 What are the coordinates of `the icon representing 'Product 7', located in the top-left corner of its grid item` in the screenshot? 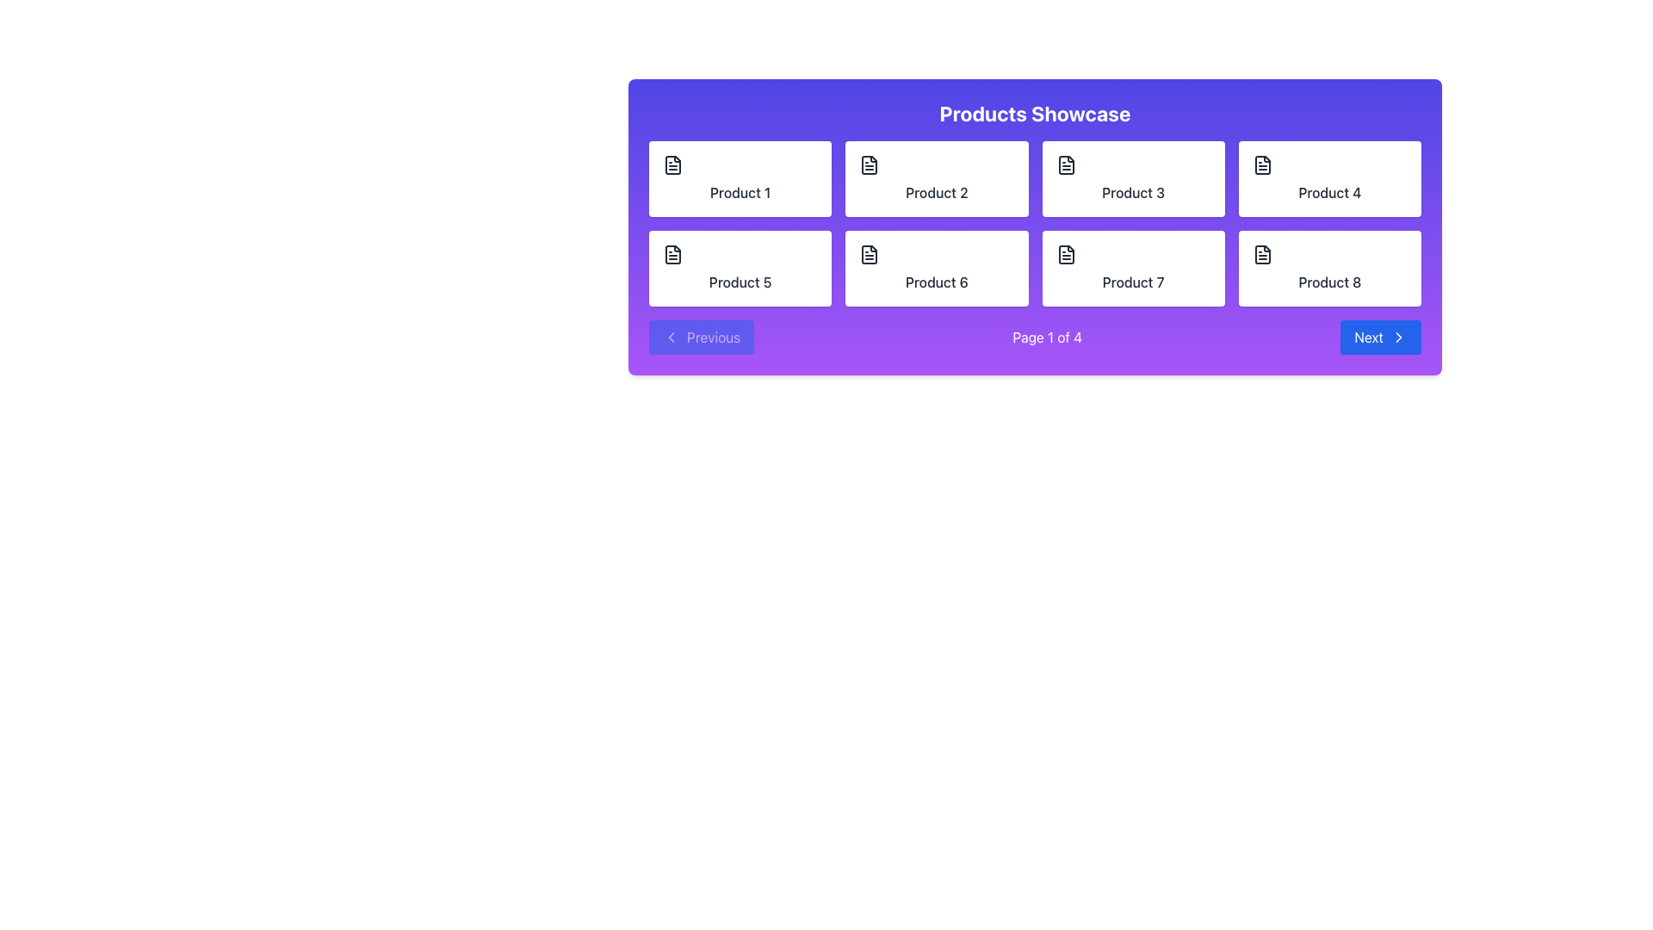 It's located at (1065, 255).